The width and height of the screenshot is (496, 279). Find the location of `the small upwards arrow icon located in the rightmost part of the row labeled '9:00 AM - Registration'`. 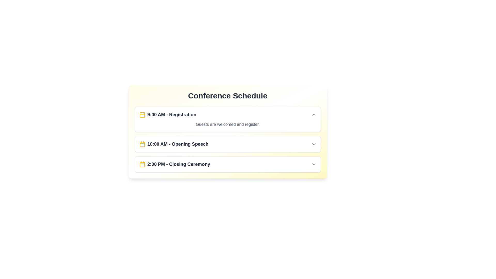

the small upwards arrow icon located in the rightmost part of the row labeled '9:00 AM - Registration' is located at coordinates (313, 114).